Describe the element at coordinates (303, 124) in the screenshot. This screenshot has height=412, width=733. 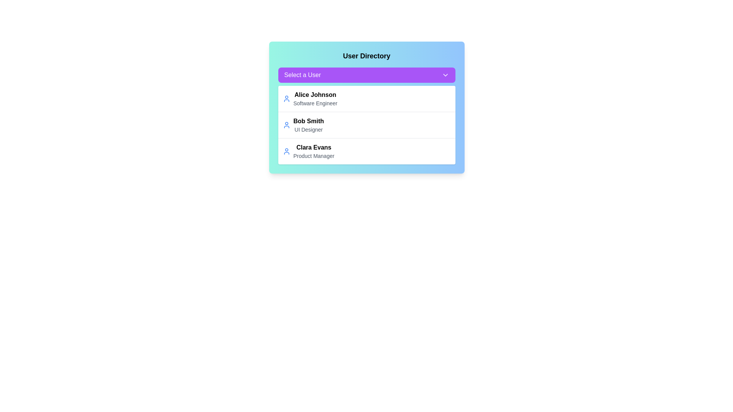
I see `the second ListItem in the User Directory, which contains user information including name and title, positioned between 'Alice Johnson' and 'Clara Evans'` at that location.